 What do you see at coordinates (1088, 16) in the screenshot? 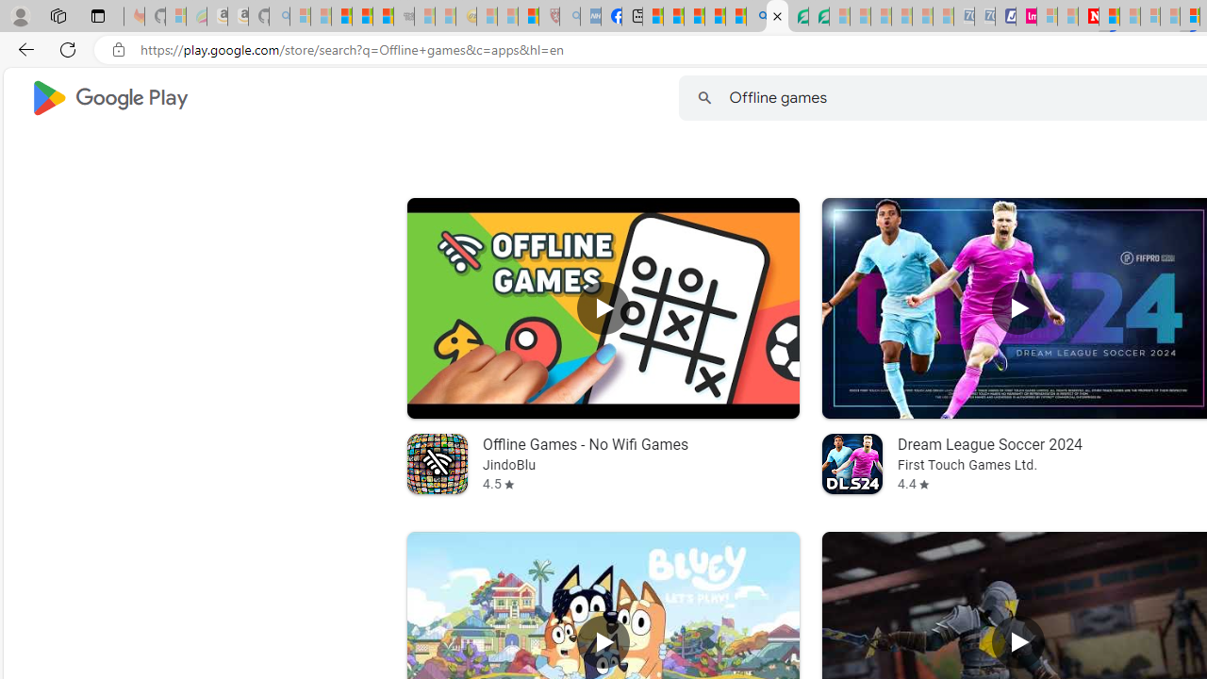
I see `'Latest Politics News & Archive | Newsweek.com'` at bounding box center [1088, 16].